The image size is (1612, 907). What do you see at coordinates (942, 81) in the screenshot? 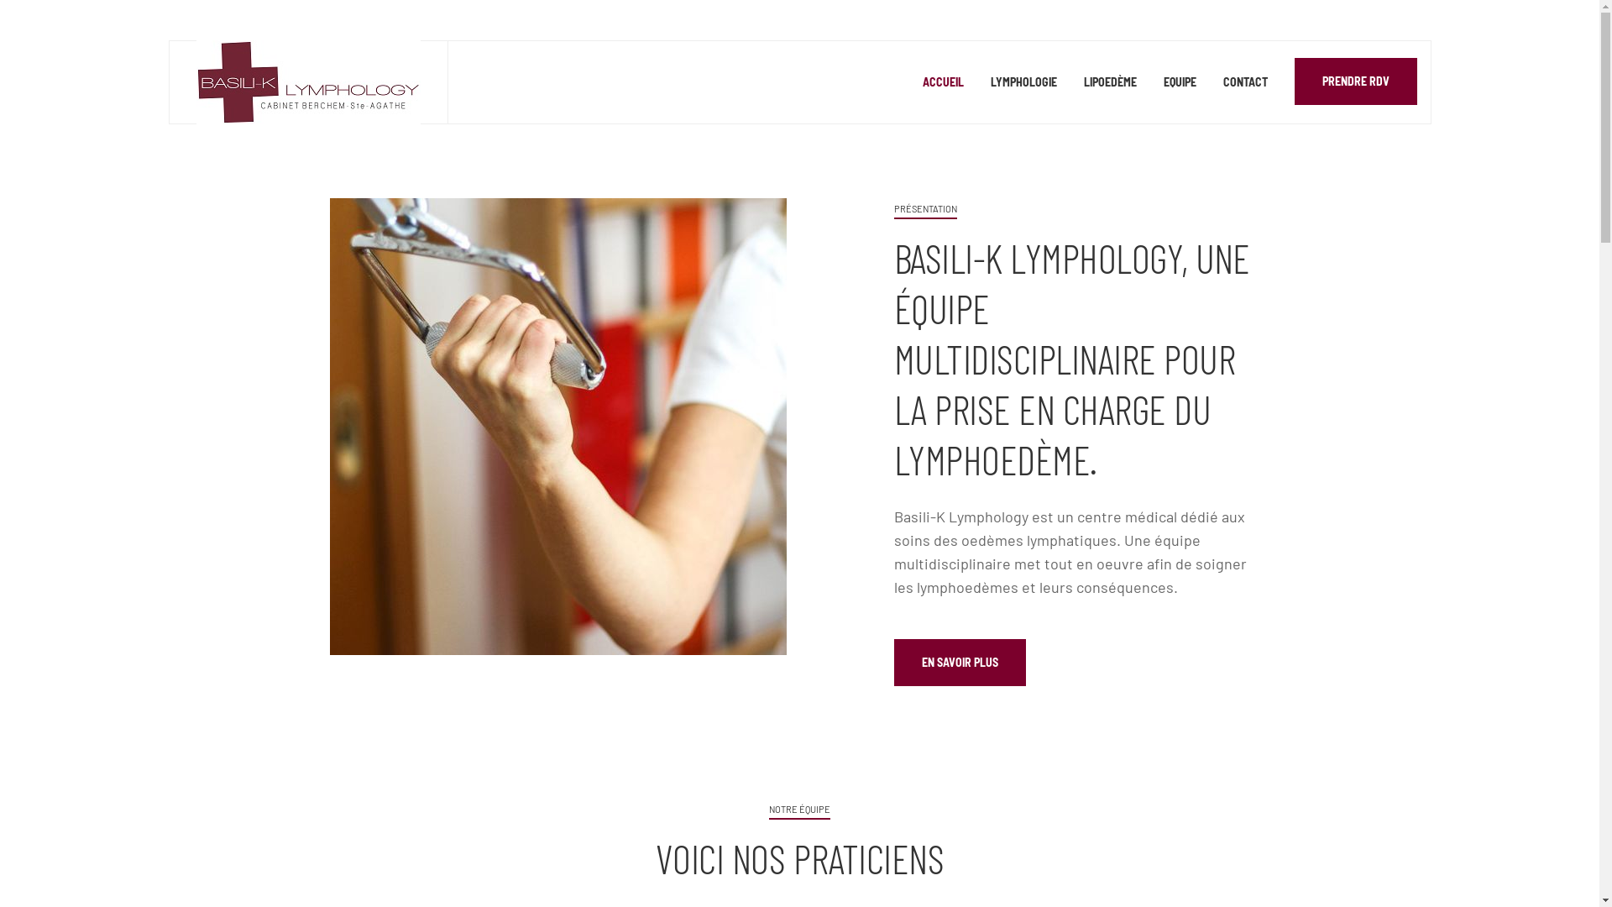
I see `'ACCUEIL'` at bounding box center [942, 81].